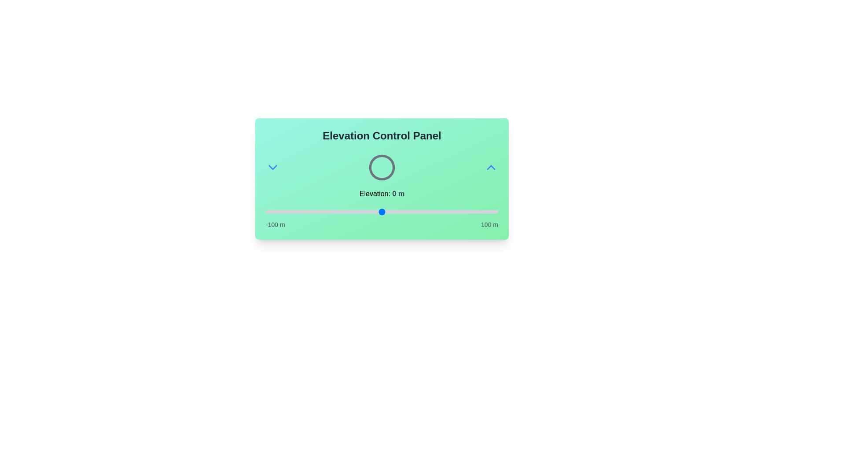 Image resolution: width=845 pixels, height=475 pixels. I want to click on the elevation to -17 meters using the slider, so click(362, 212).